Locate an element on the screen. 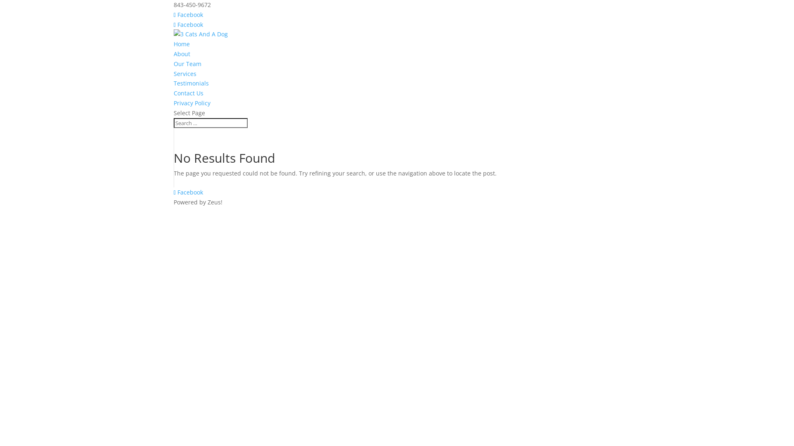 The image size is (794, 446). 'Facebook' is located at coordinates (173, 14).